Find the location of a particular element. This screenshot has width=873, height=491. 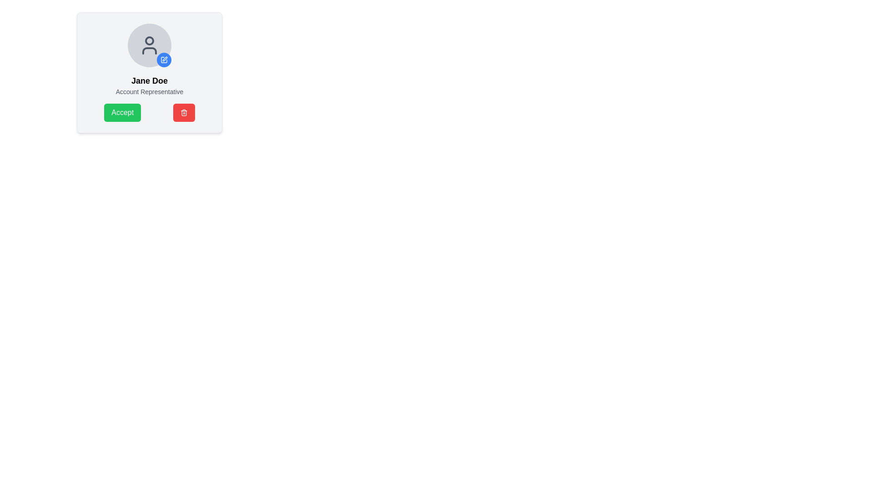

the user icon, which is a minimalistic line-drawn representation of a user with a circular head and semicircular body, located at the top of the profile card for 'Jane Doe' is located at coordinates (150, 45).